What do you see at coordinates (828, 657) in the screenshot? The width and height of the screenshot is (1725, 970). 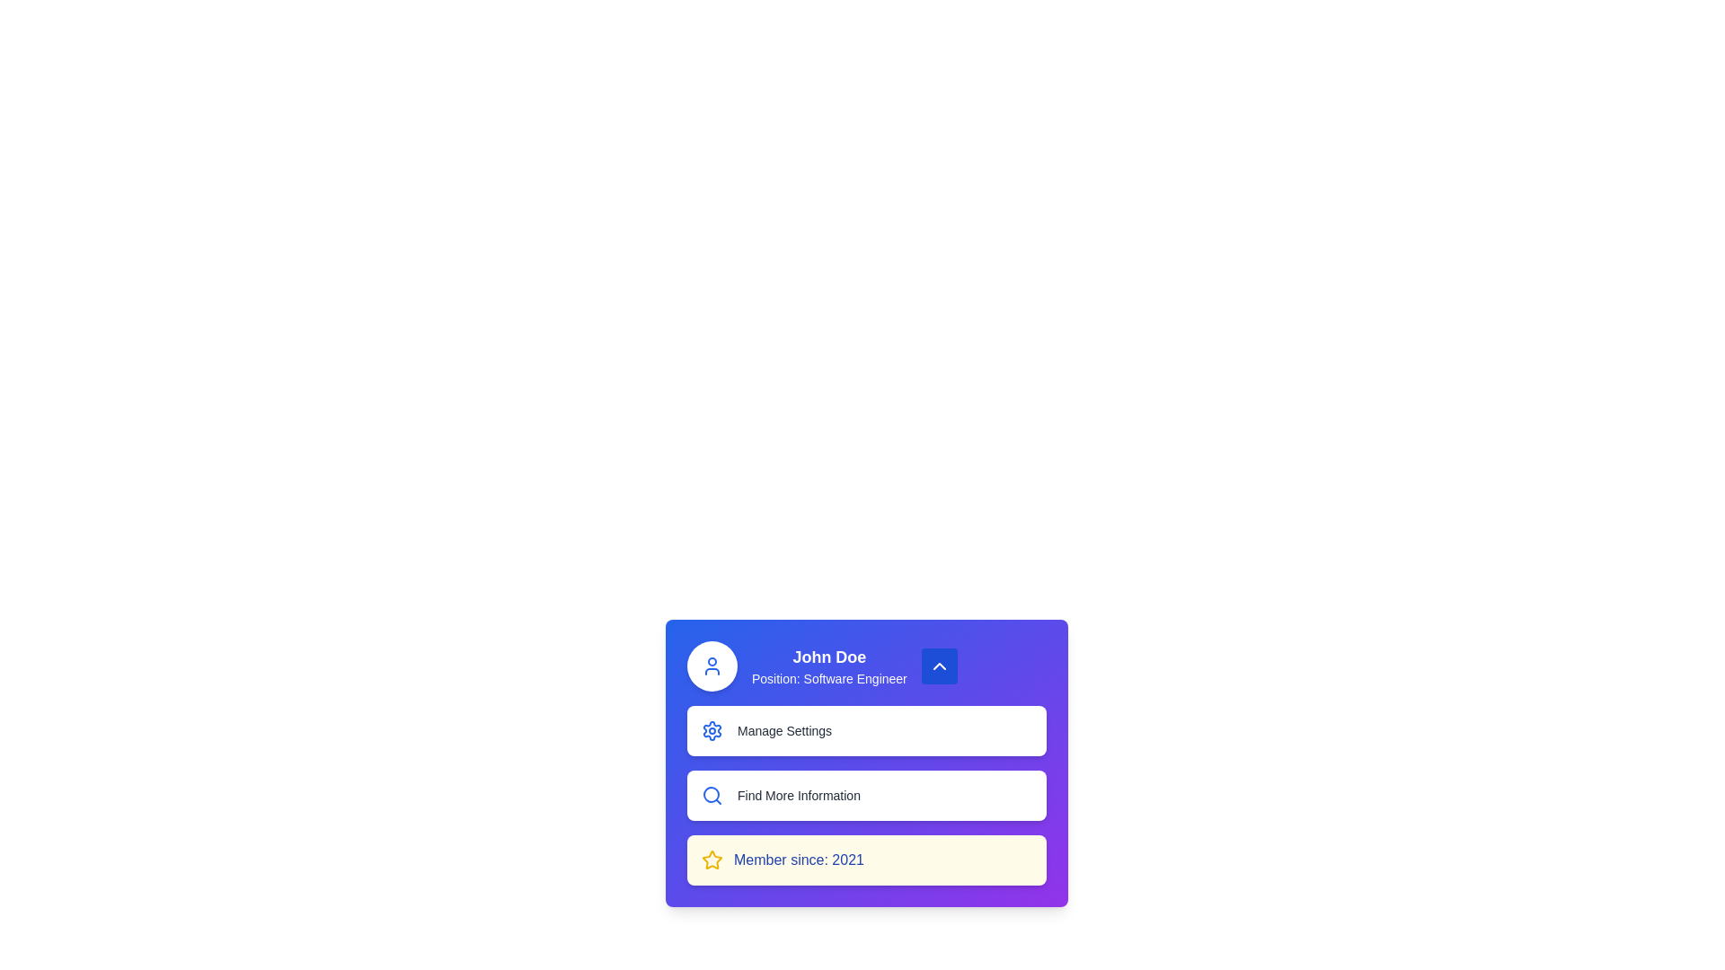 I see `the bold text label displaying 'John Doe' at the top of the user information card, which is horizontally centered above the position text` at bounding box center [828, 657].